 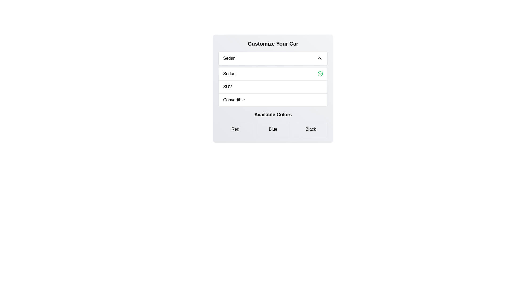 What do you see at coordinates (273, 74) in the screenshot?
I see `the first selectable list item labeled 'Sedan'` at bounding box center [273, 74].